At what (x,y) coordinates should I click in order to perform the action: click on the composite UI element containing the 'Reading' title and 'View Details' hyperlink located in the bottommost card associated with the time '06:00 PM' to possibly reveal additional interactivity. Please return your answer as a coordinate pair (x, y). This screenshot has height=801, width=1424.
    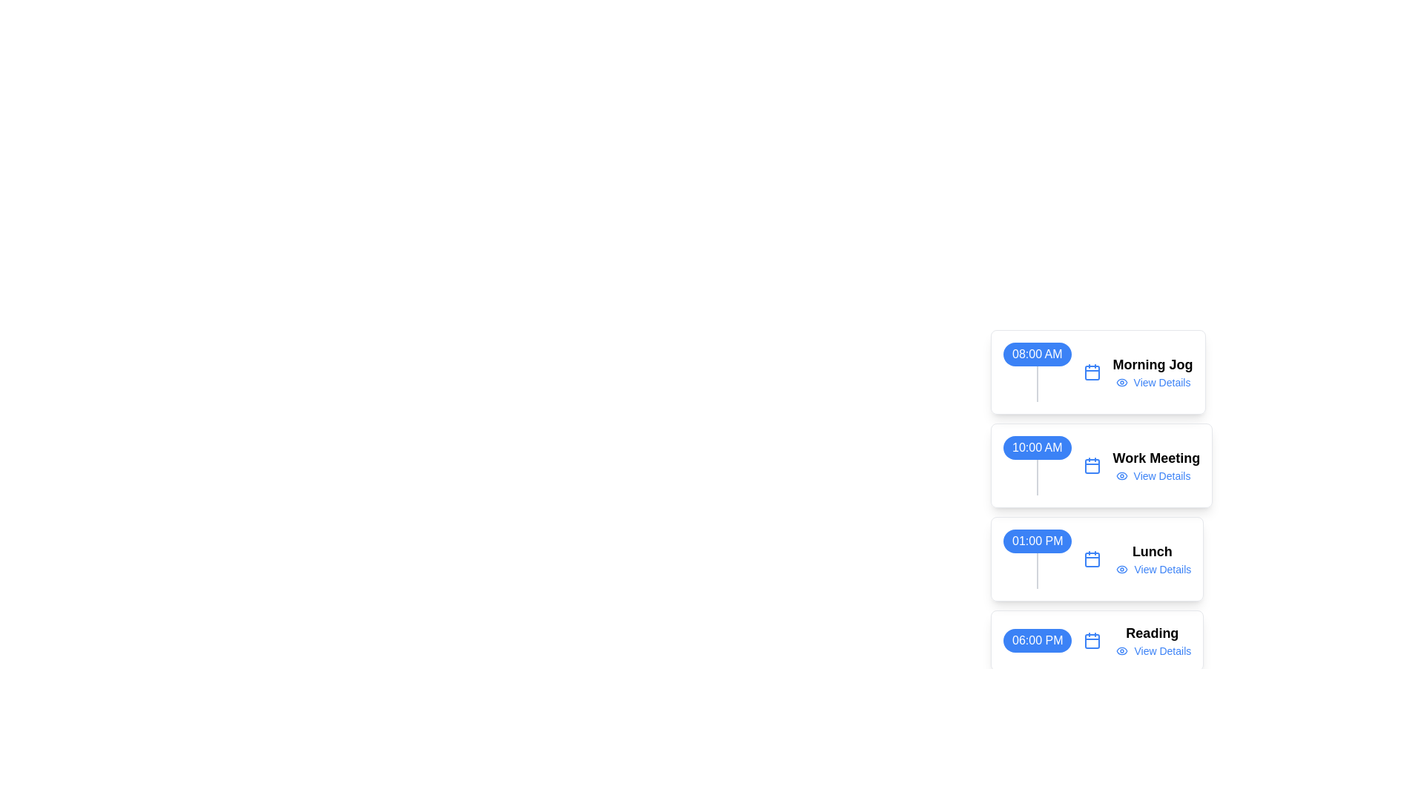
    Looking at the image, I should click on (1151, 640).